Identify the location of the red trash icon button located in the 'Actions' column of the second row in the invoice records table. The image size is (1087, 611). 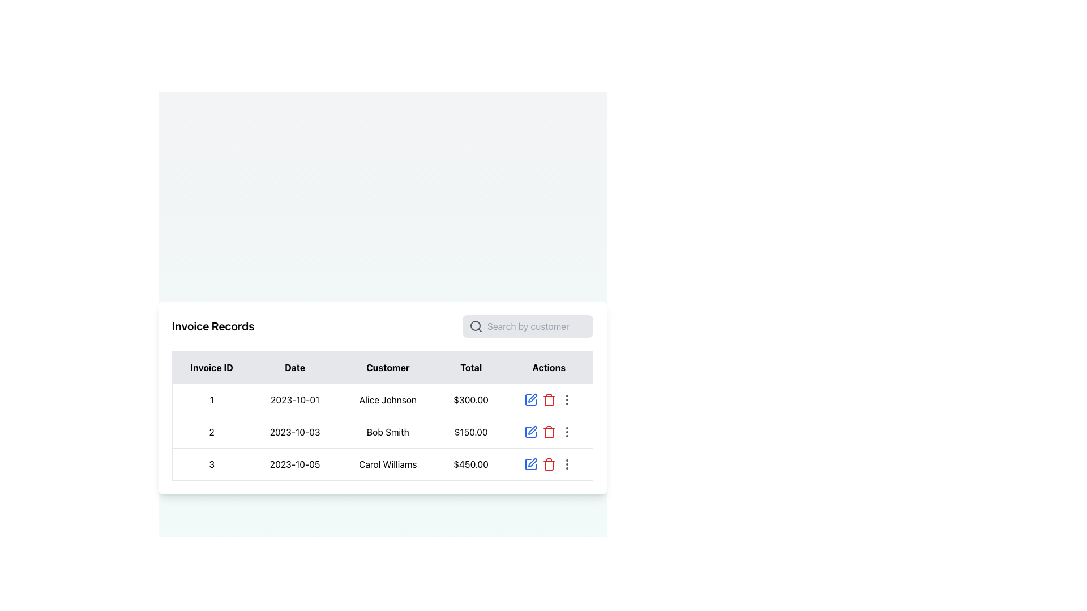
(549, 432).